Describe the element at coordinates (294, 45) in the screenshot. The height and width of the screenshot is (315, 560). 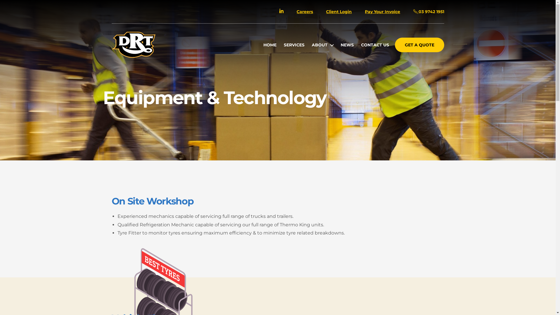
I see `'SERVICES'` at that location.